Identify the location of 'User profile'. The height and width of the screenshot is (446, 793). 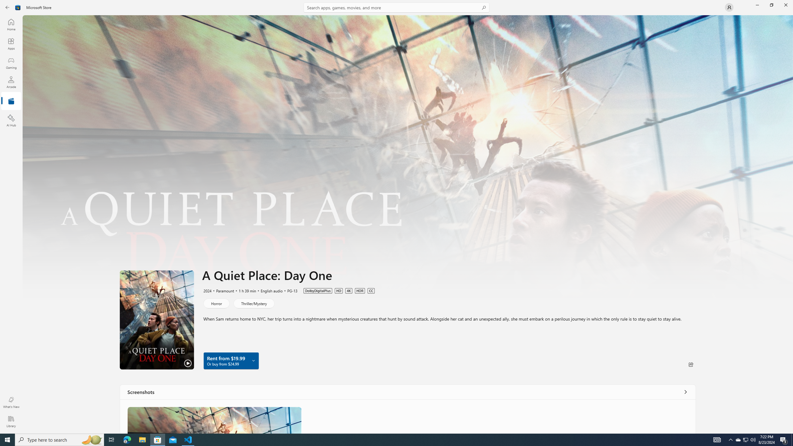
(729, 7).